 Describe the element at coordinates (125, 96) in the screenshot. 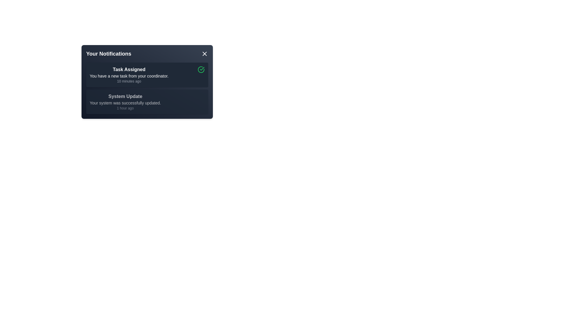

I see `the Text label that serves as a descriptive title for the notification message indicating the type of information or action associated with the system update event` at that location.